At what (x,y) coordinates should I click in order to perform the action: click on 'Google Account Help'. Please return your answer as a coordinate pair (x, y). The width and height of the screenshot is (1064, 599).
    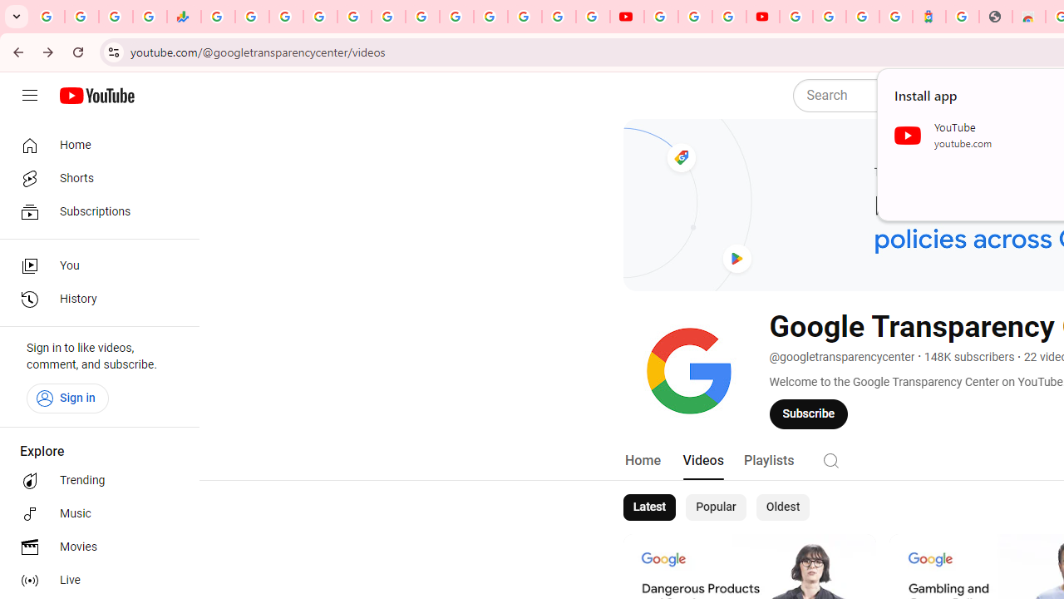
    Looking at the image, I should click on (695, 17).